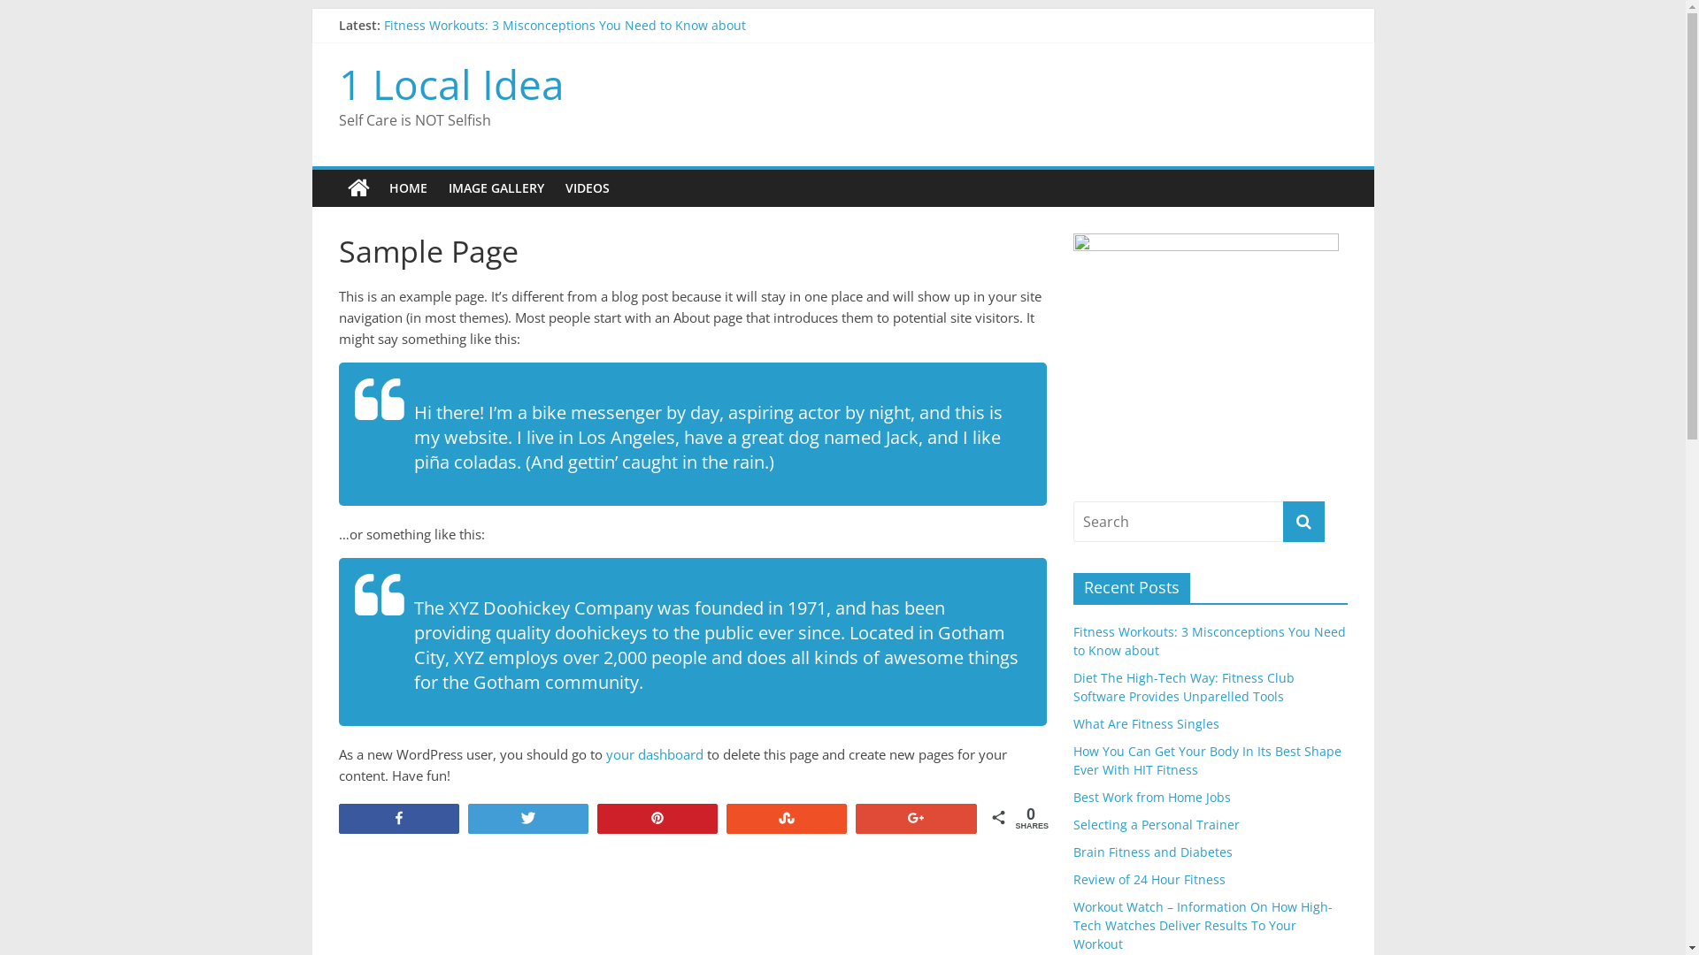  What do you see at coordinates (1155, 824) in the screenshot?
I see `'Selecting a Personal Trainer'` at bounding box center [1155, 824].